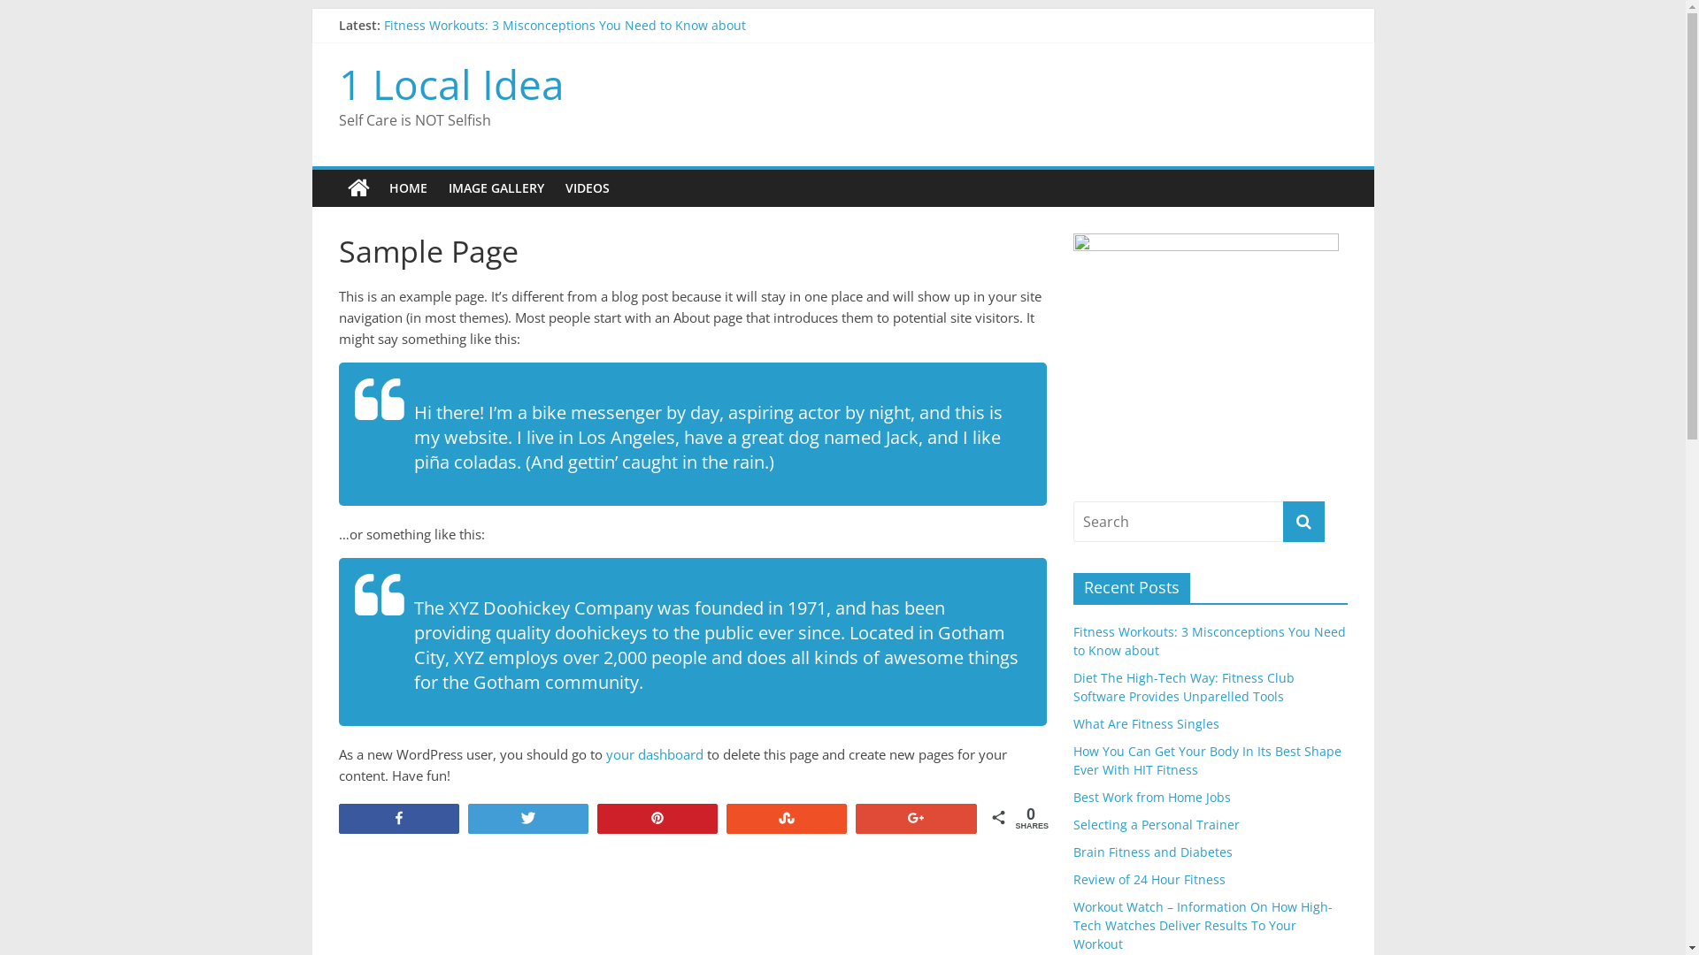  What do you see at coordinates (1155, 824) in the screenshot?
I see `'Selecting a Personal Trainer'` at bounding box center [1155, 824].